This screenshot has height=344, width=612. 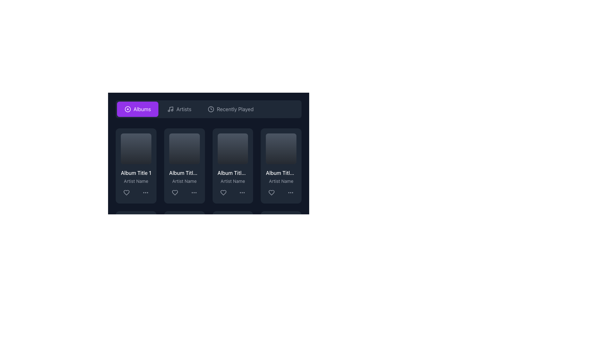 I want to click on the Ellipsis menu button located at the bottom-right corner of the album information card to observe a style change, so click(x=193, y=192).